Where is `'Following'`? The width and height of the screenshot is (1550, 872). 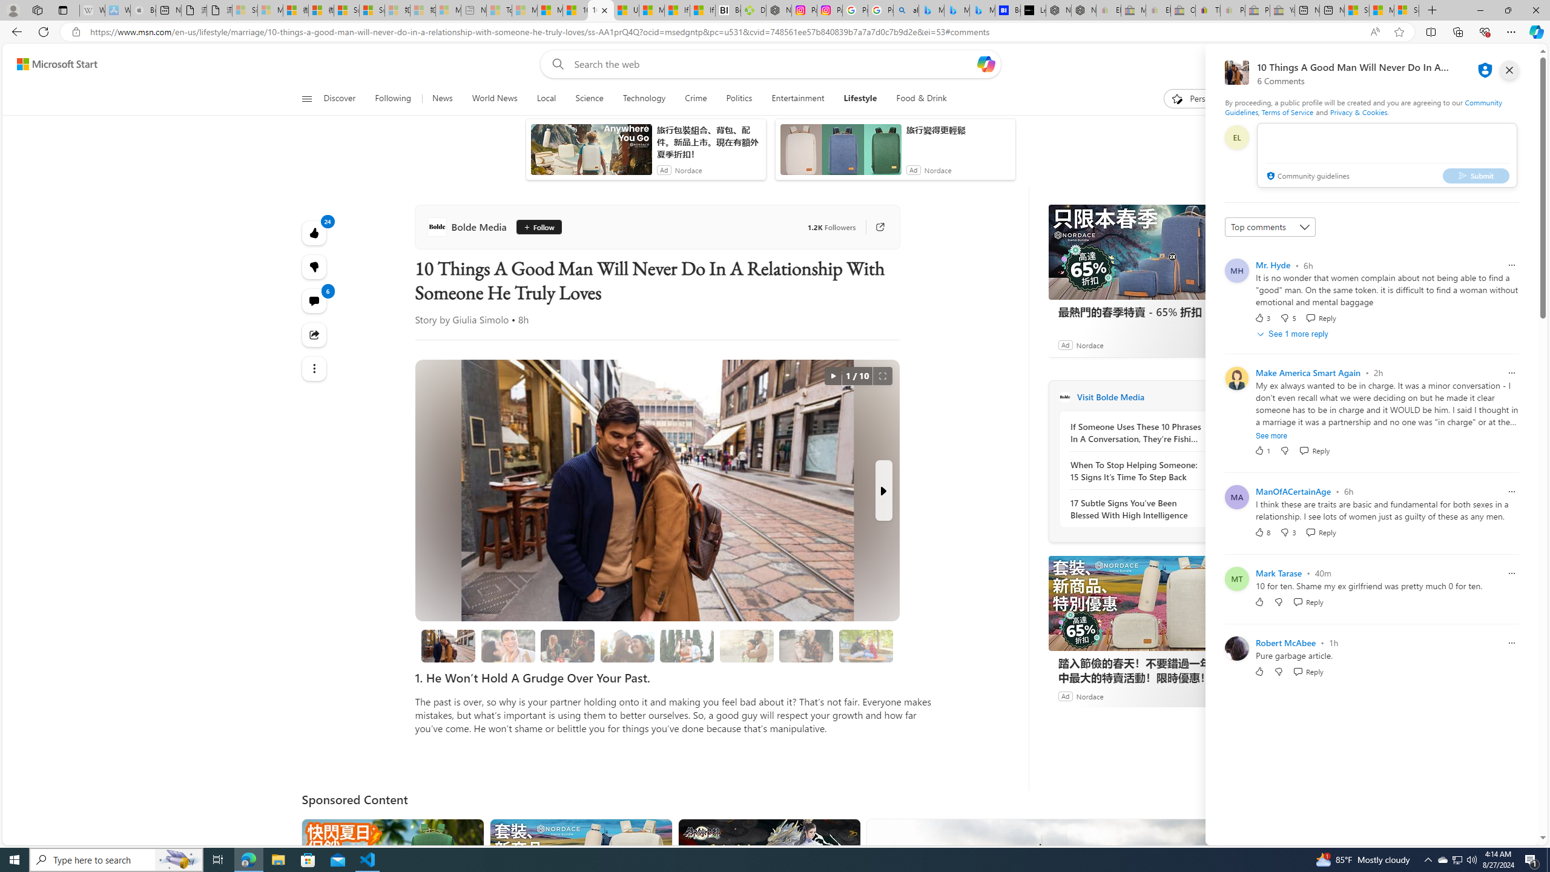 'Following' is located at coordinates (394, 98).